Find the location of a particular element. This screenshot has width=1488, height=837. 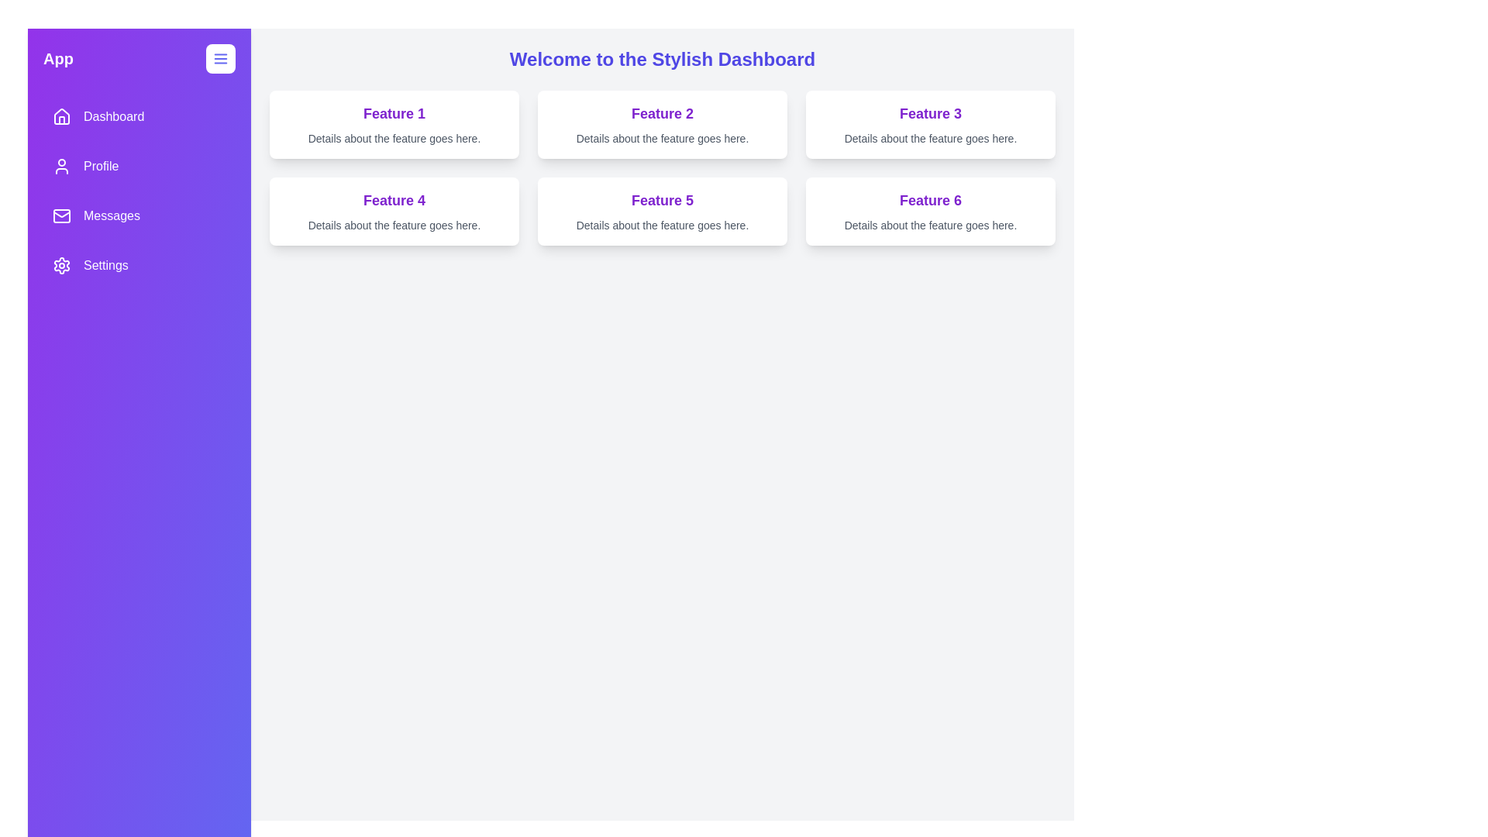

the prominently styled text label reading 'Welcome to the Stylish Dashboard', which is positioned near the top-center of the interface is located at coordinates (662, 59).